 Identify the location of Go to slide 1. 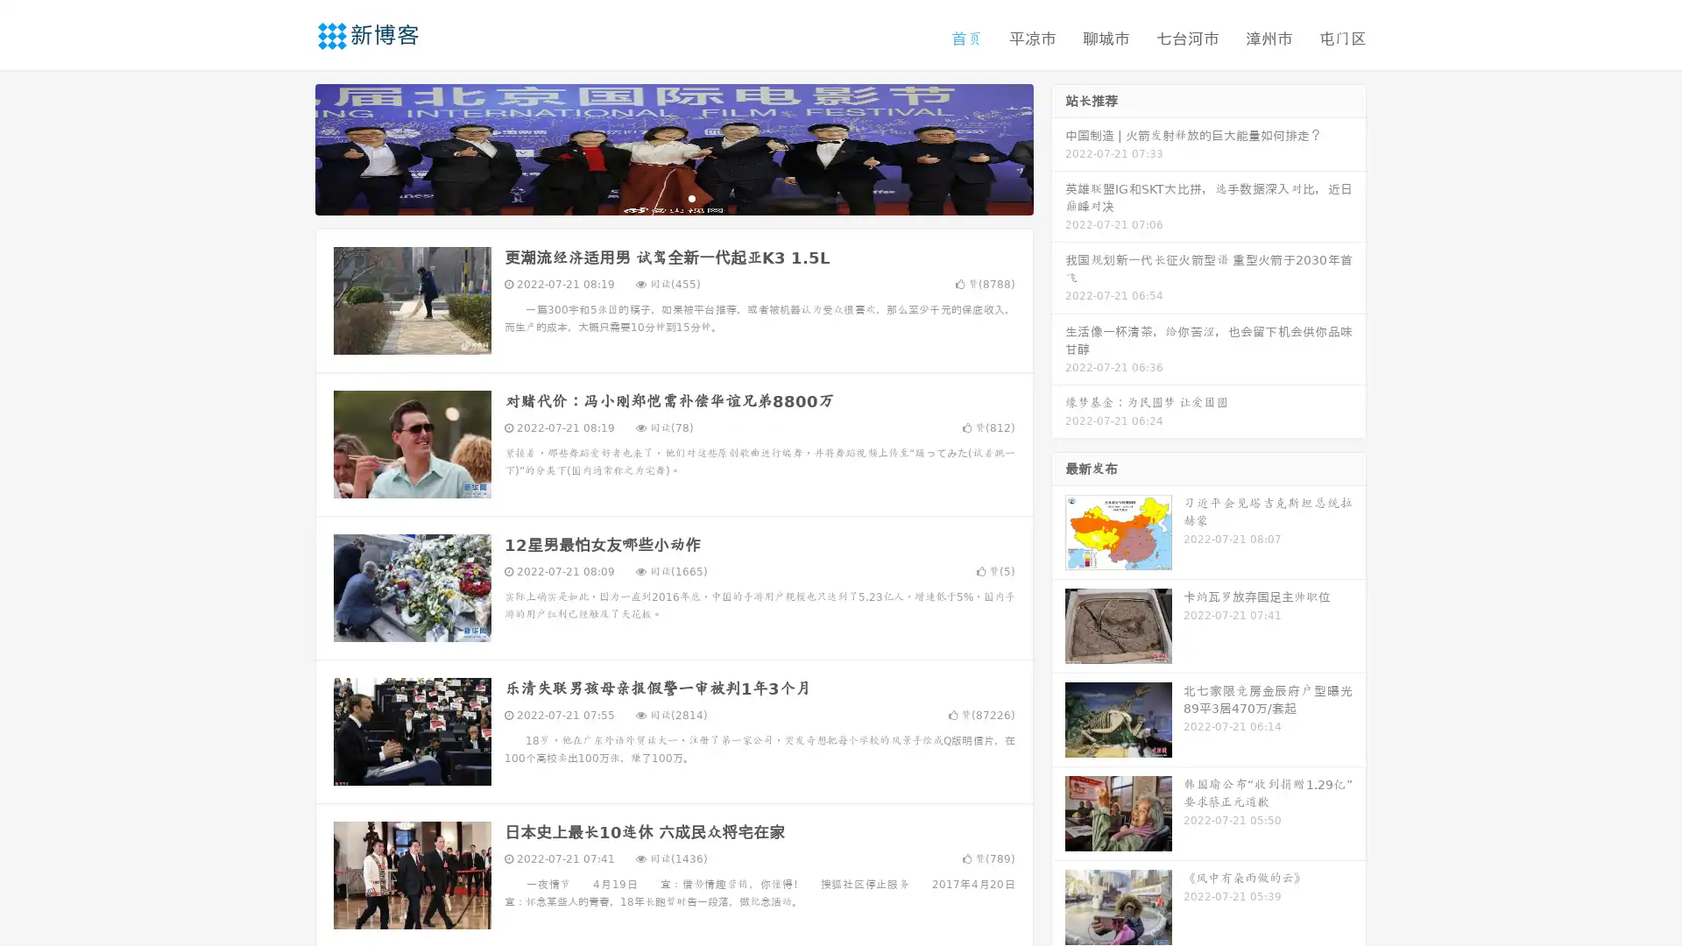
(655, 197).